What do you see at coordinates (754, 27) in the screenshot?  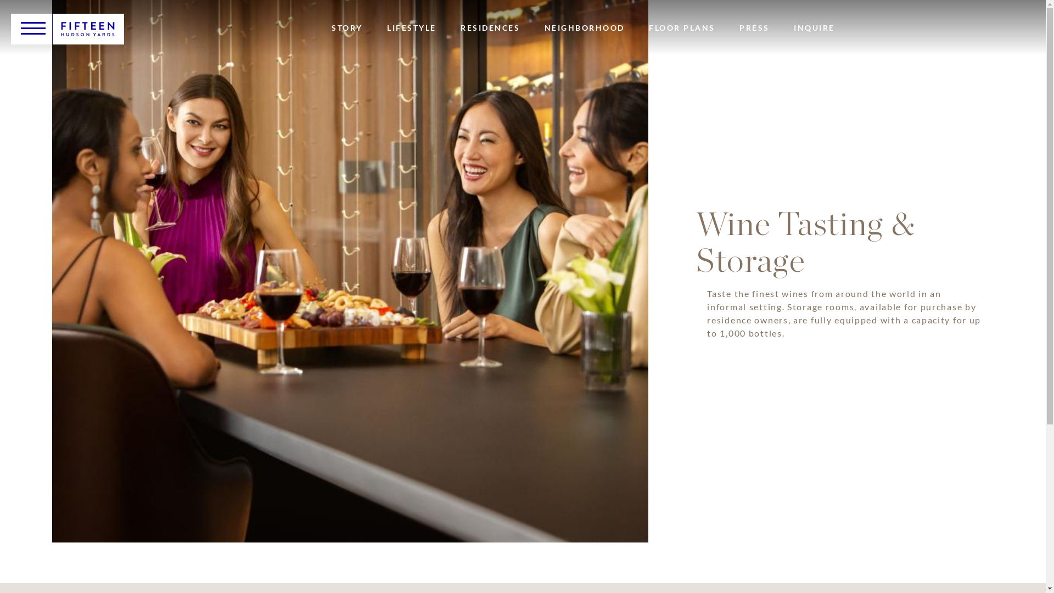 I see `'PRESS'` at bounding box center [754, 27].